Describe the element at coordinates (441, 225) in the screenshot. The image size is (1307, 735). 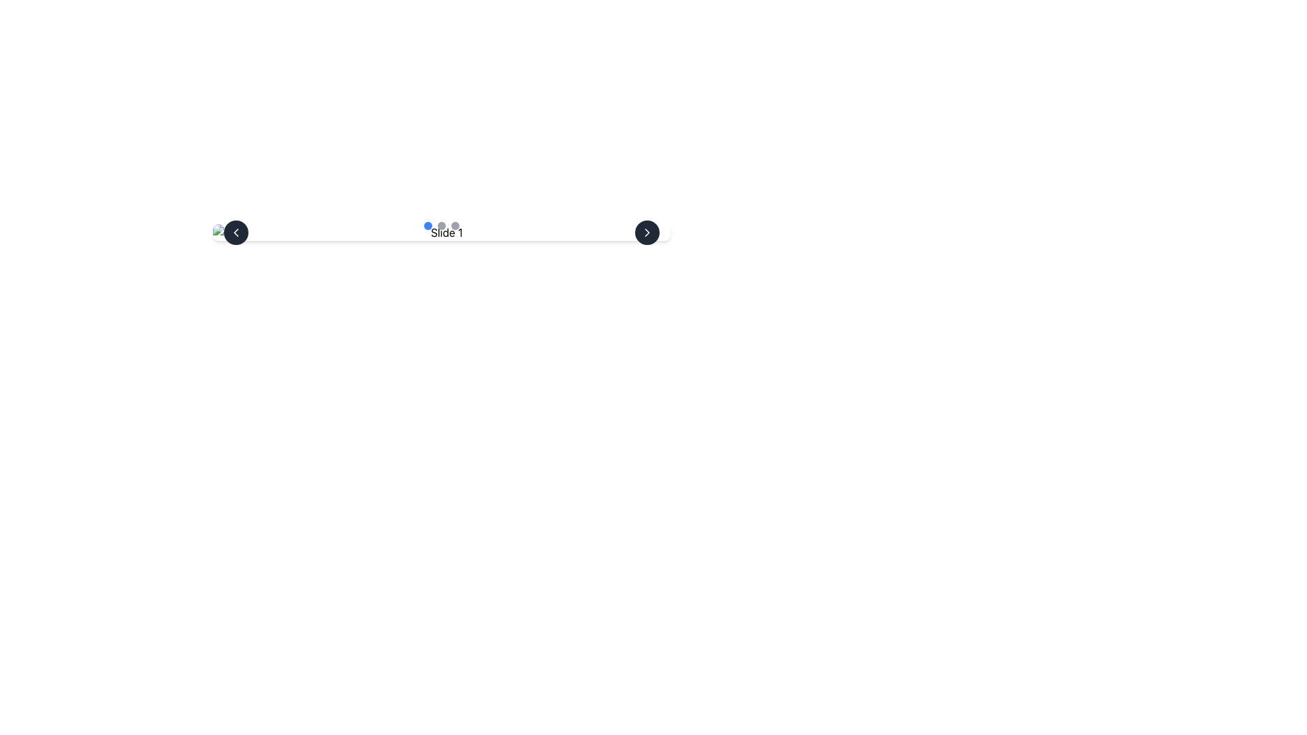
I see `the second circular indicator button for the carousel widget located at the bottom-center of the interface` at that location.